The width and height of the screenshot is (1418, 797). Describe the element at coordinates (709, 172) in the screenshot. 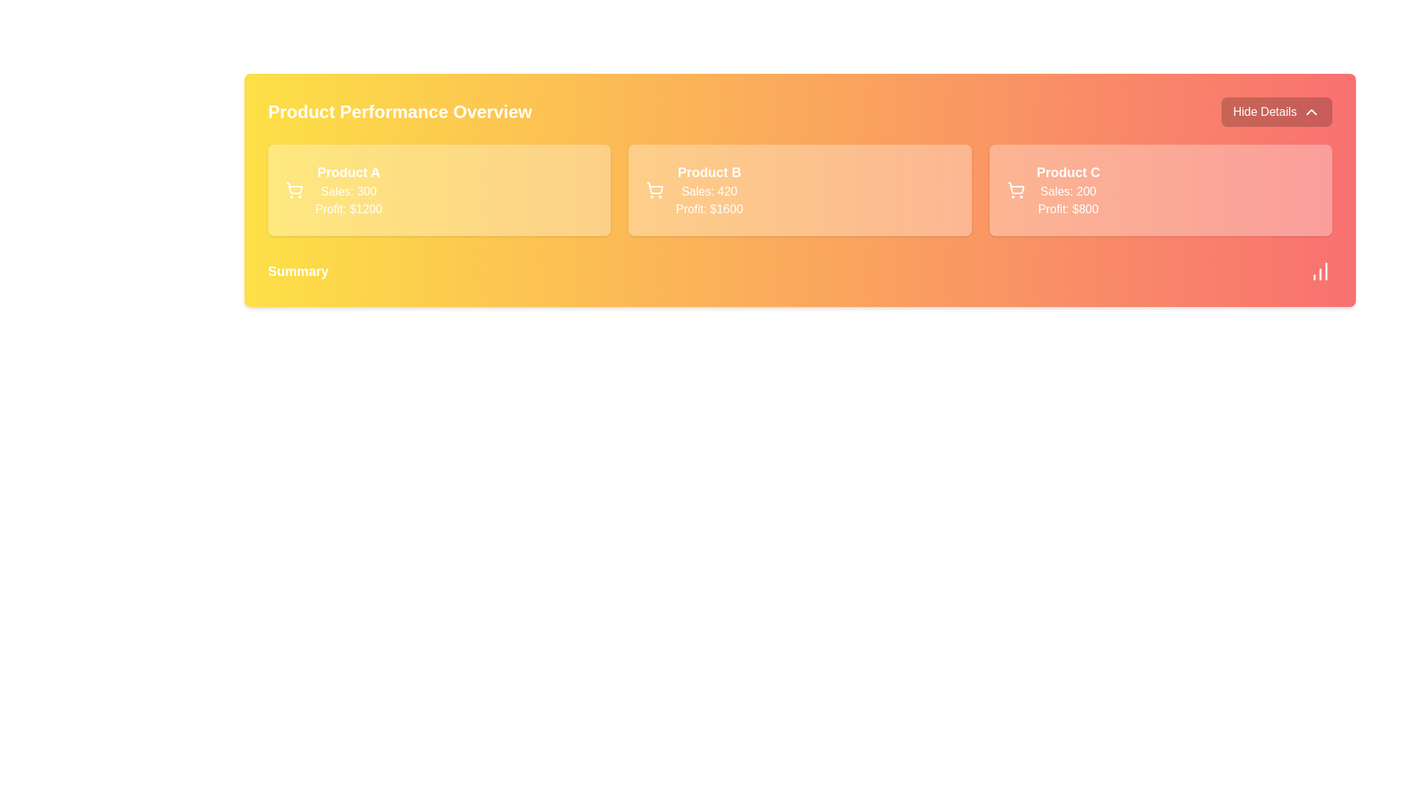

I see `the static text title for the product card, which is the first line of text in the center card among three horizontally arranged cards` at that location.